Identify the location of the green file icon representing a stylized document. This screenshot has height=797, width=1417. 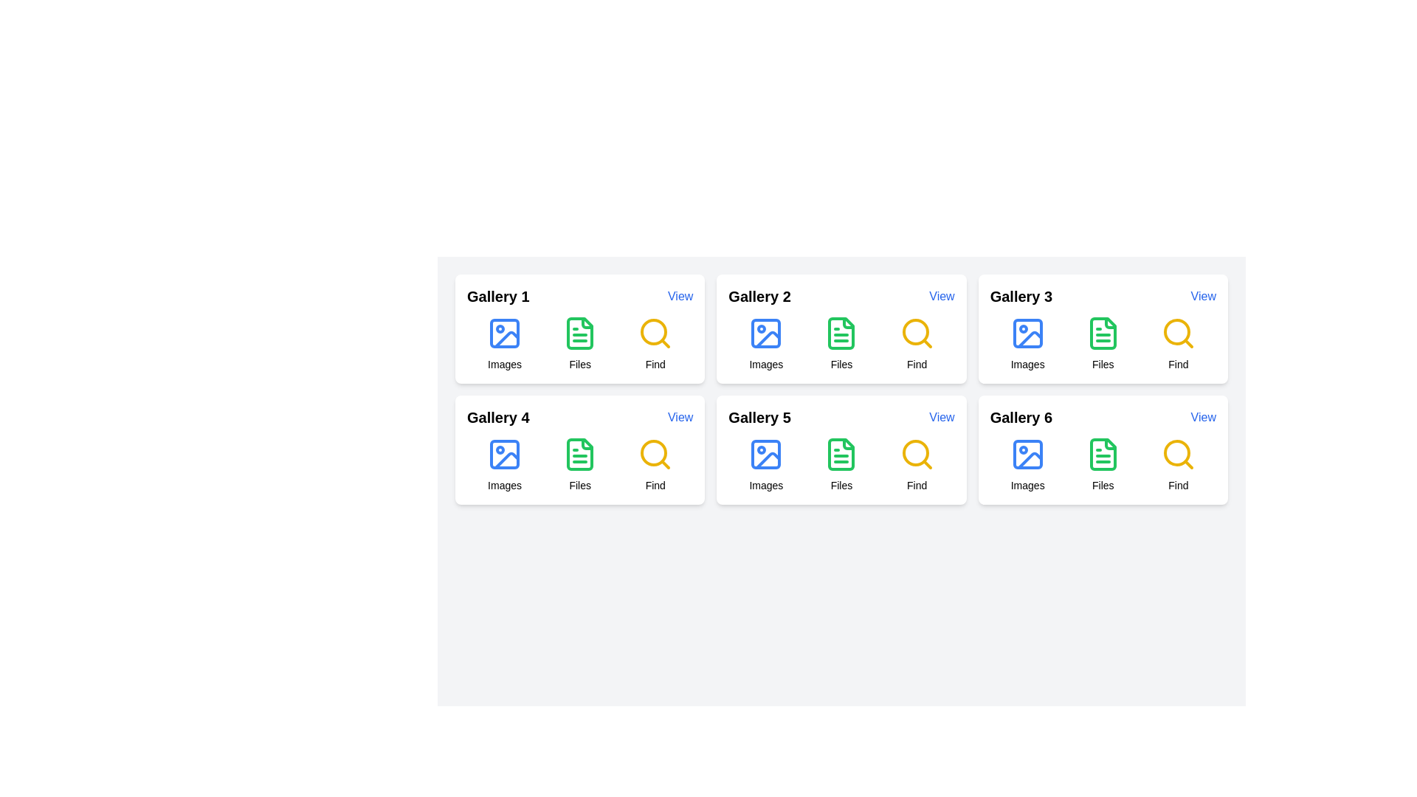
(579, 454).